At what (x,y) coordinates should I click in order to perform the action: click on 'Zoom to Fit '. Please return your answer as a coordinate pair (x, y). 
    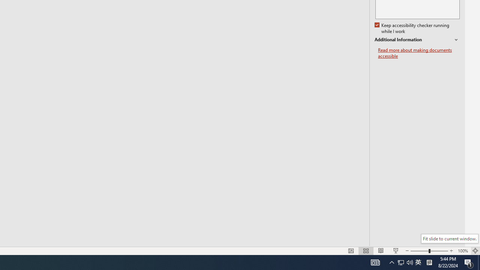
    Looking at the image, I should click on (475, 251).